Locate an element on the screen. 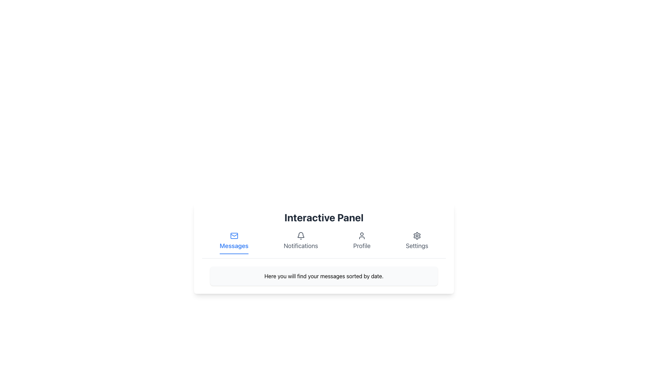  the user profile icon, which is a minimalistic circular head and semi-circular body icon located in the navigation bar is located at coordinates (362, 235).